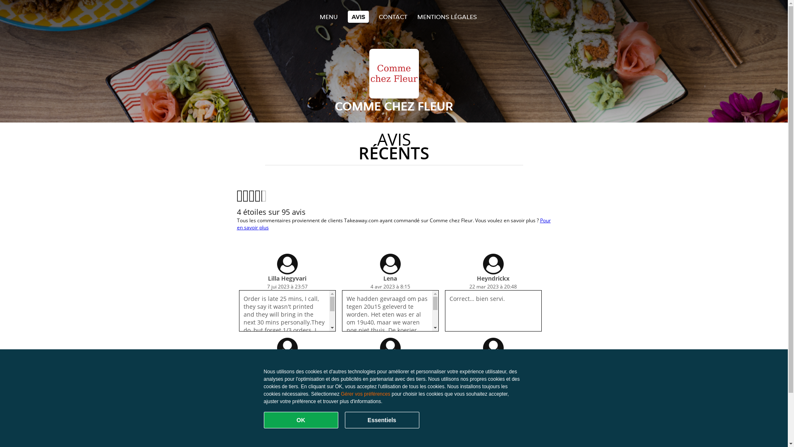 This screenshot has width=794, height=447. What do you see at coordinates (301, 420) in the screenshot?
I see `'OK'` at bounding box center [301, 420].